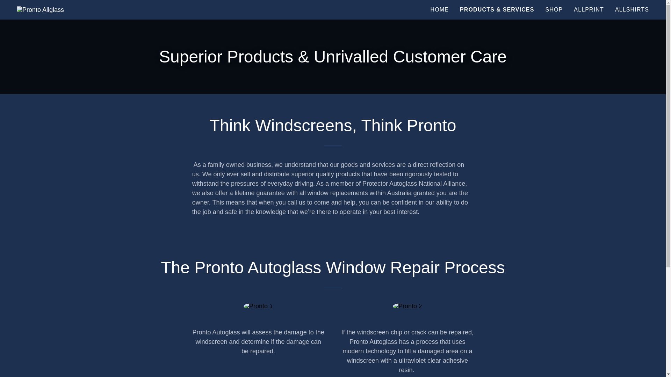 The height and width of the screenshot is (377, 671). What do you see at coordinates (632, 9) in the screenshot?
I see `'ALLSHIRTS'` at bounding box center [632, 9].